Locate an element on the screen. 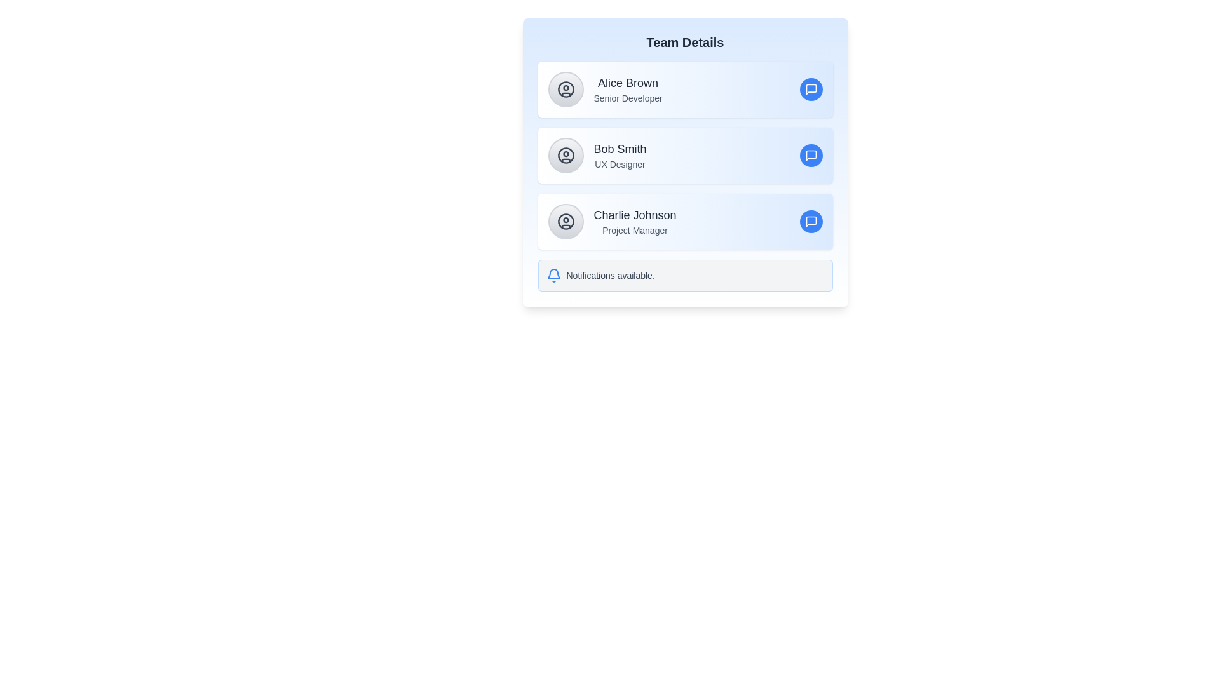 The width and height of the screenshot is (1220, 686). the second list item in the 'Team Details' card that contains profile details for 'Bob Smith' is located at coordinates (684, 155).